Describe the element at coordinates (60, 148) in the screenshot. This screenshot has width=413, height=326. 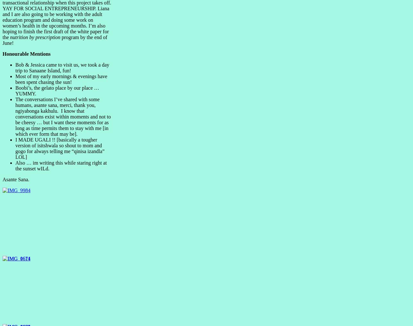
I see `'I MADE UGALI !! [basically a tougher version of isitshwala so shout to mom and gogo for always telling me “qinisa izandla” LOL]'` at that location.